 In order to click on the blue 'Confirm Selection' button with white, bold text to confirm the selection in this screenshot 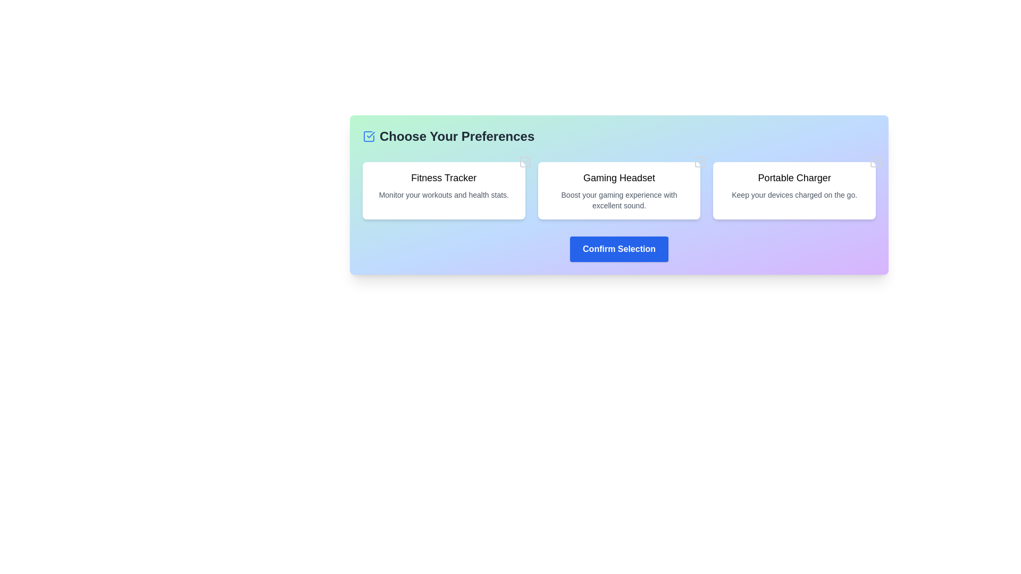, I will do `click(619, 249)`.